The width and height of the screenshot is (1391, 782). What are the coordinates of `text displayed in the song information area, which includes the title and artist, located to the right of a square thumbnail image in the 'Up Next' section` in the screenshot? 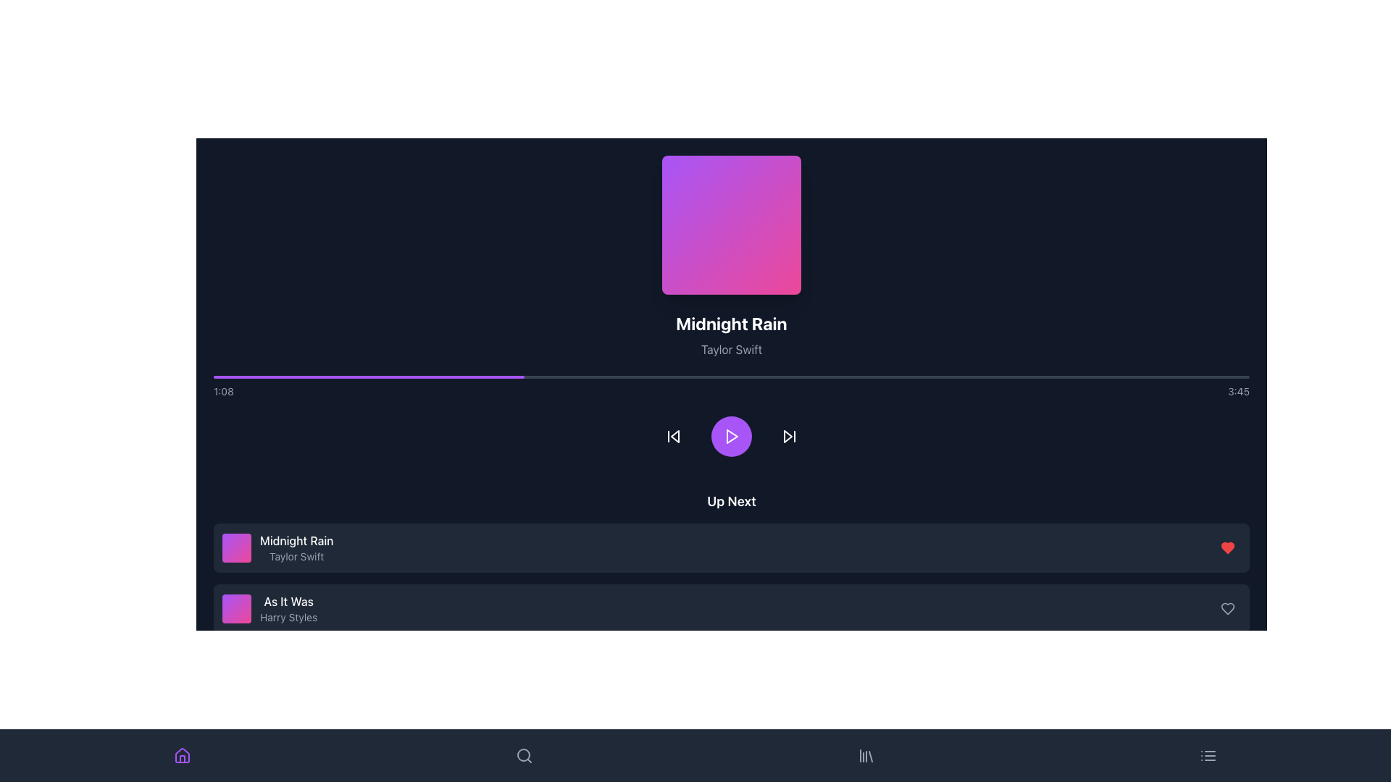 It's located at (296, 547).